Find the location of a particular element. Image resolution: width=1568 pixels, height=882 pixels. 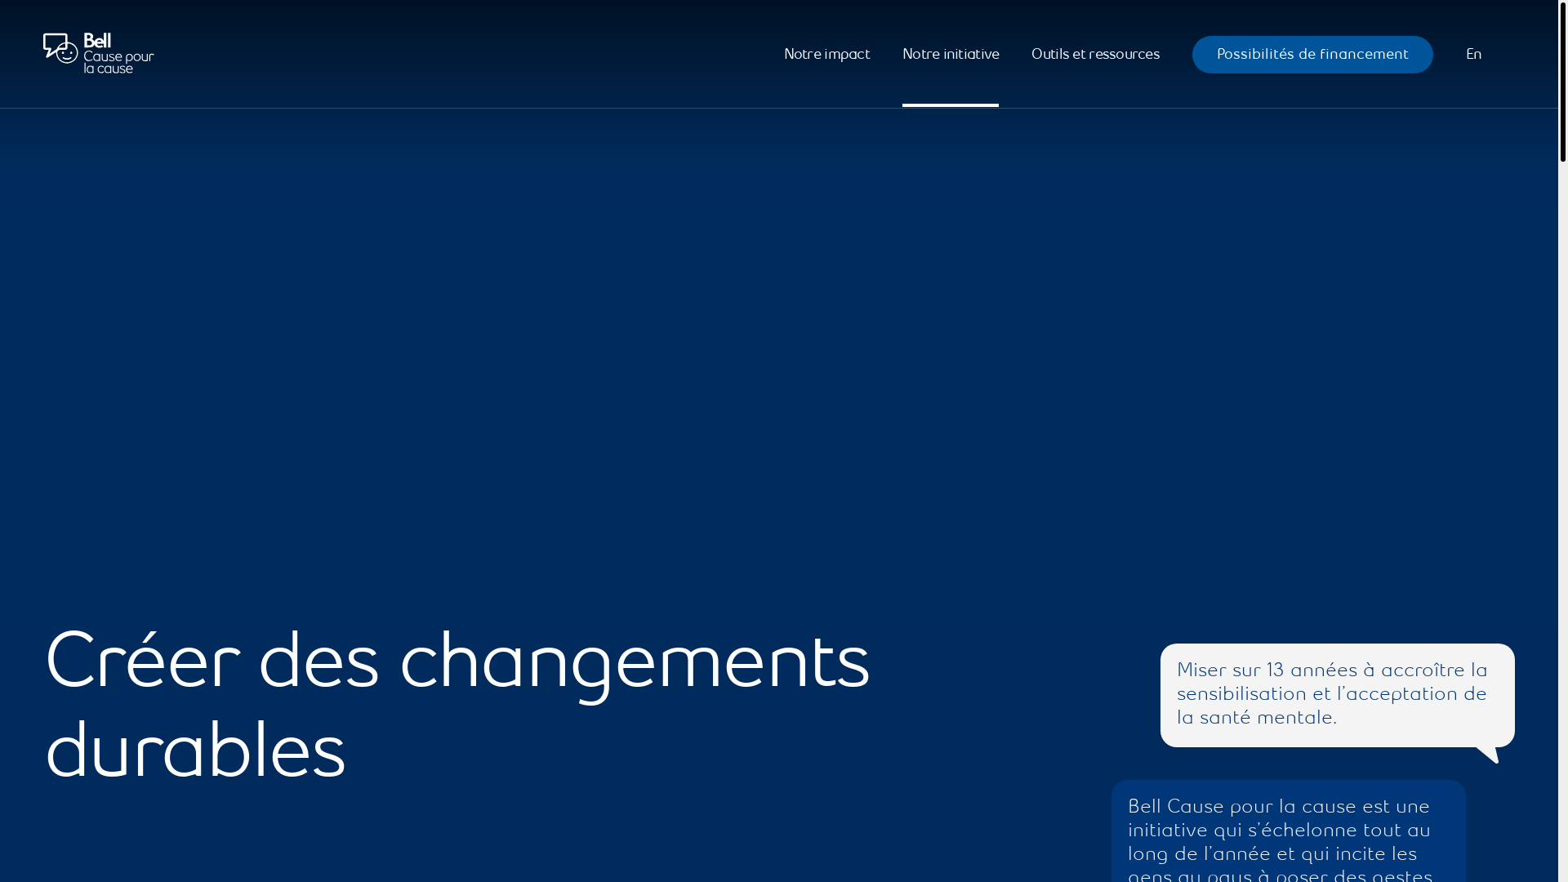

'Outils et ressources' is located at coordinates (1095, 53).